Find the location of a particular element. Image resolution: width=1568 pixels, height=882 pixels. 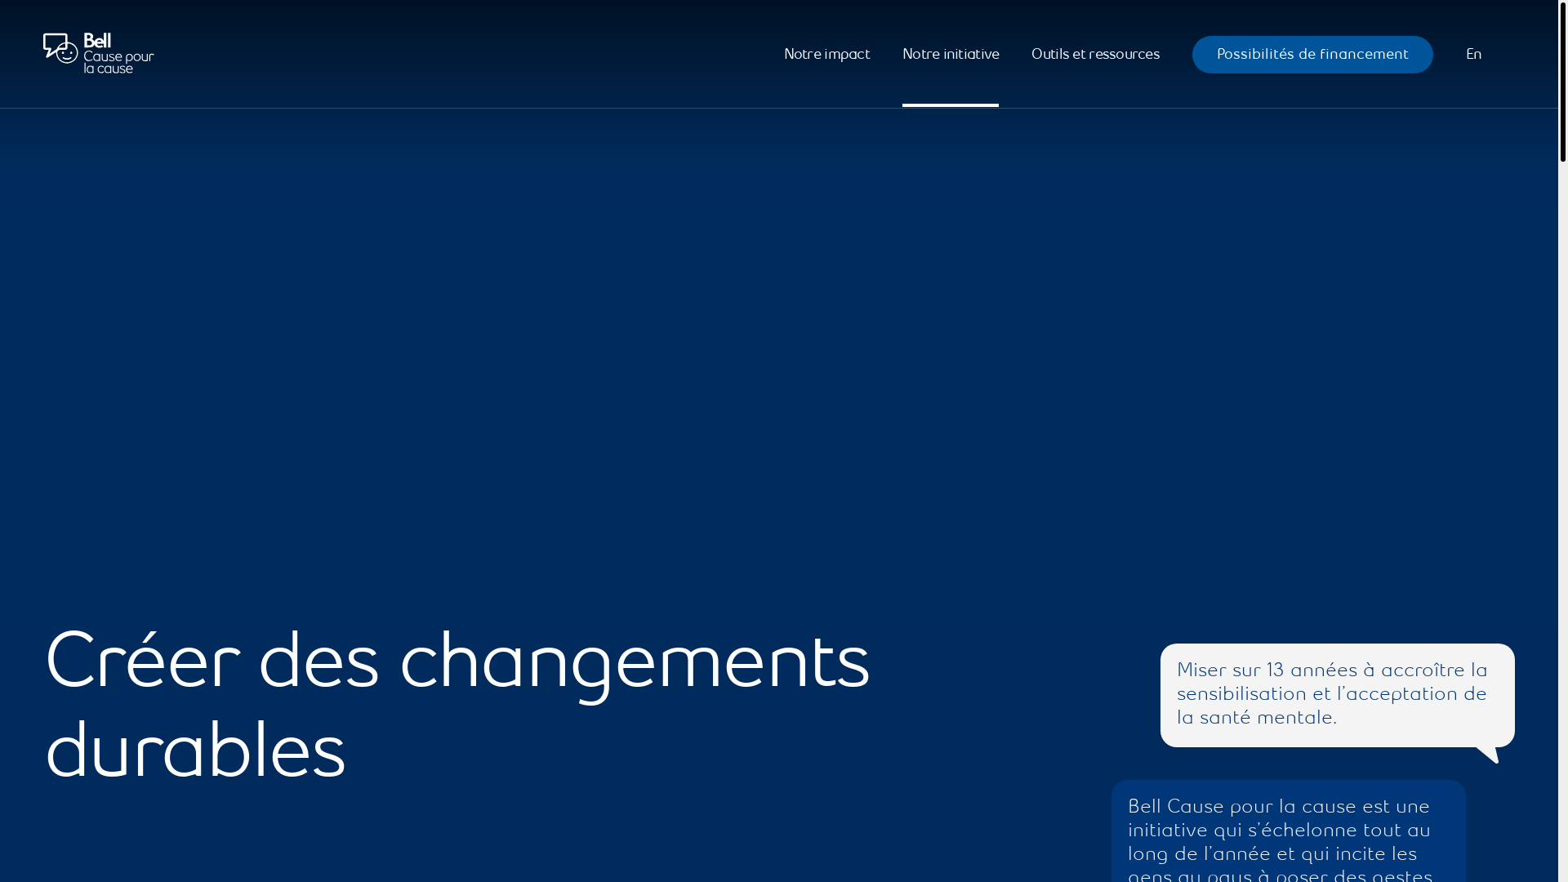

'Outils et ressources' is located at coordinates (1095, 53).